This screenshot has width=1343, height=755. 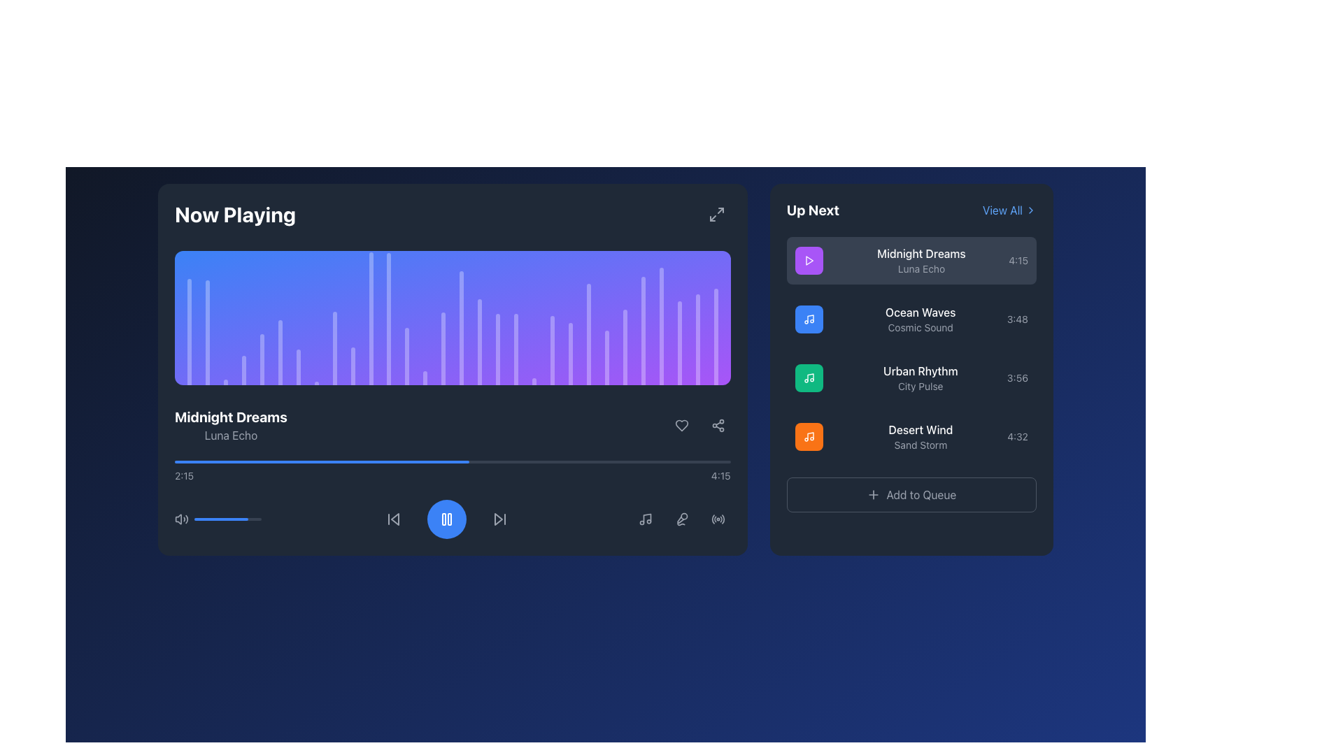 What do you see at coordinates (716, 215) in the screenshot?
I see `the interactive icon button located at the upper-right corner of the 'Now Playing' section to change its color` at bounding box center [716, 215].